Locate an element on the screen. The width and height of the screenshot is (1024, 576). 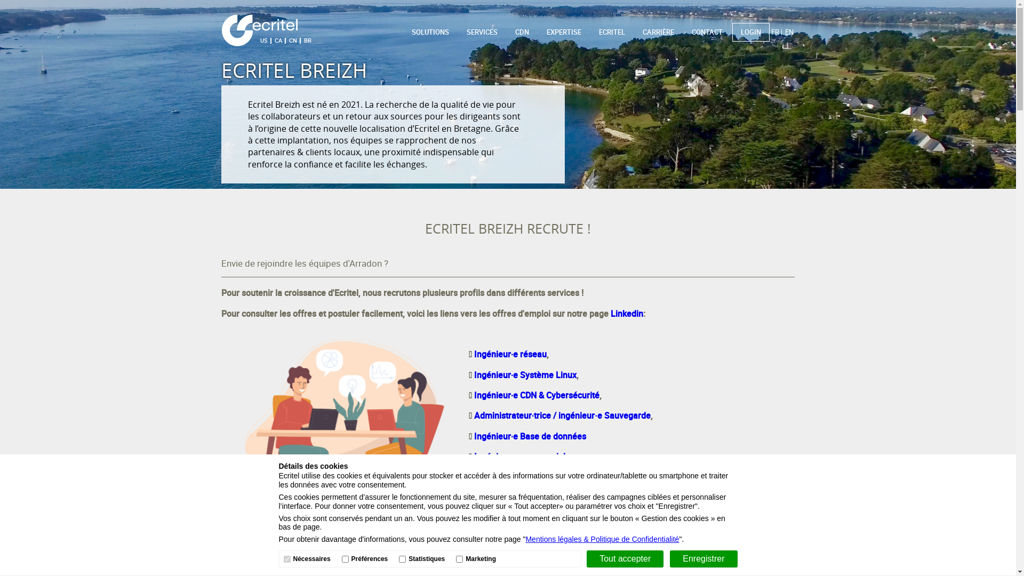
'LOGIN' is located at coordinates (750, 31).